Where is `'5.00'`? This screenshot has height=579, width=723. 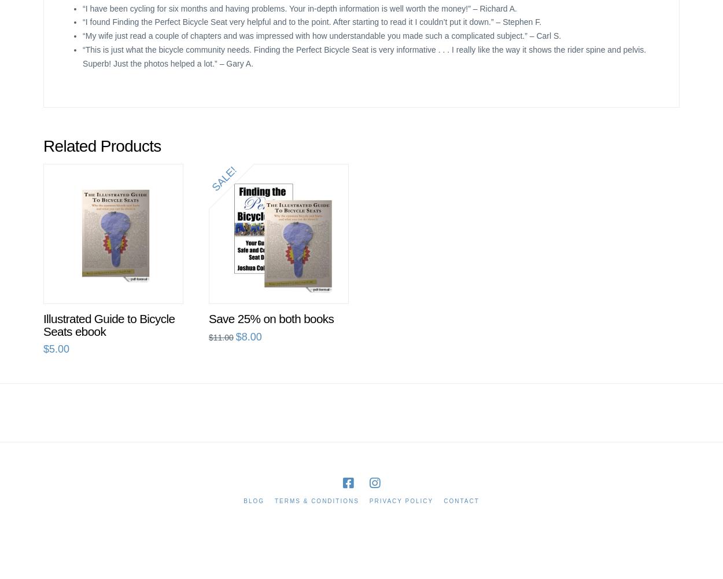 '5.00' is located at coordinates (58, 349).